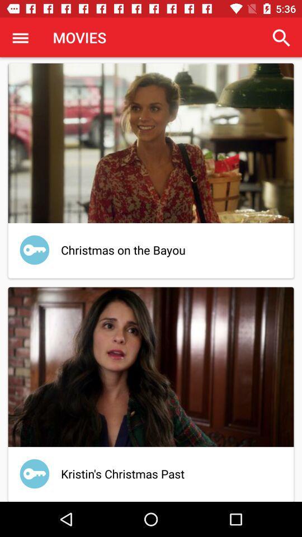  I want to click on the key symbol, so click(34, 473).